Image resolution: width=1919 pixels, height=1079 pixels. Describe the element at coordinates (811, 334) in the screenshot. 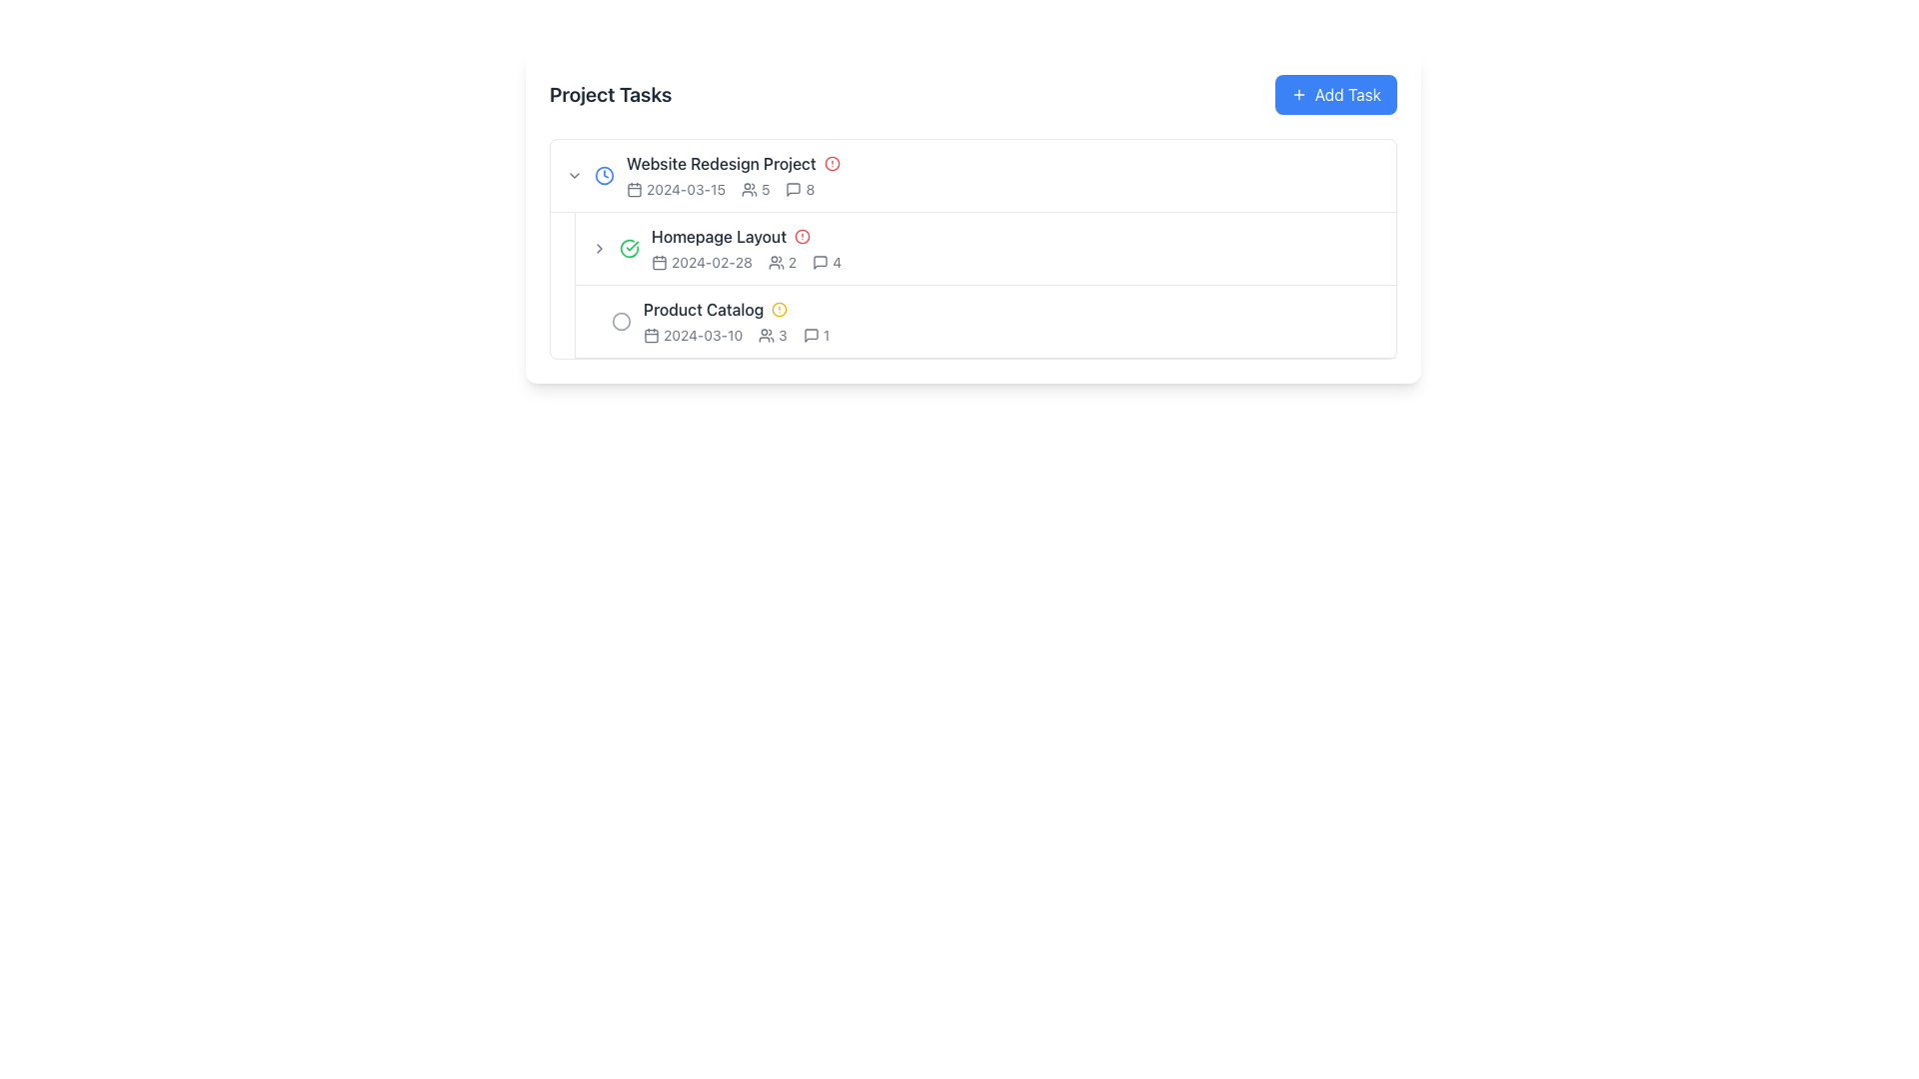

I see `the comment icon located in the 'Product Catalog' row of the 'Project Tasks' list` at that location.